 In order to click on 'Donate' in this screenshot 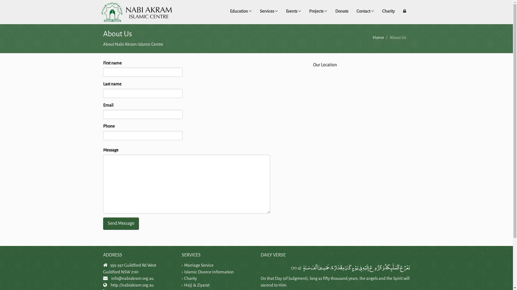, I will do `click(341, 11)`.